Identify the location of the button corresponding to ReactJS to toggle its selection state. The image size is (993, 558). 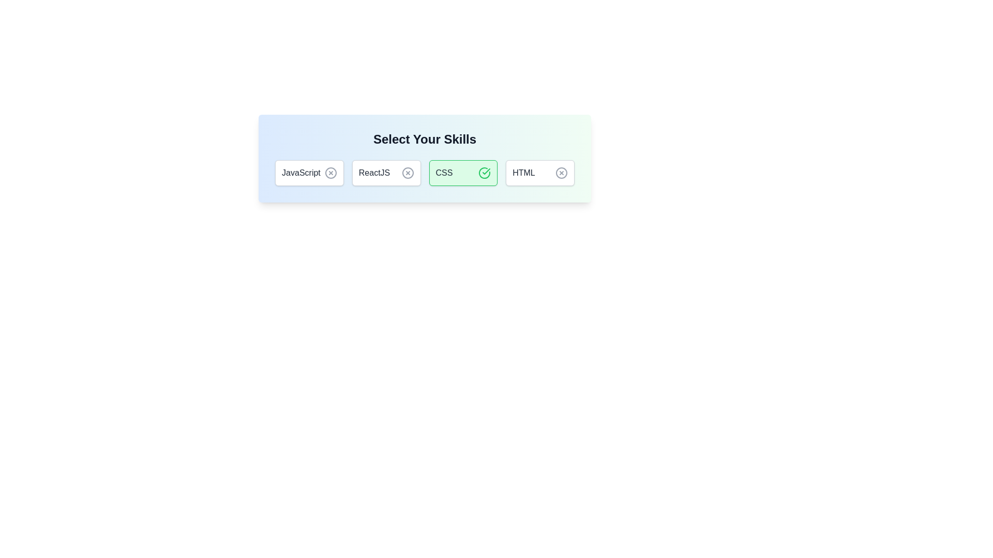
(386, 173).